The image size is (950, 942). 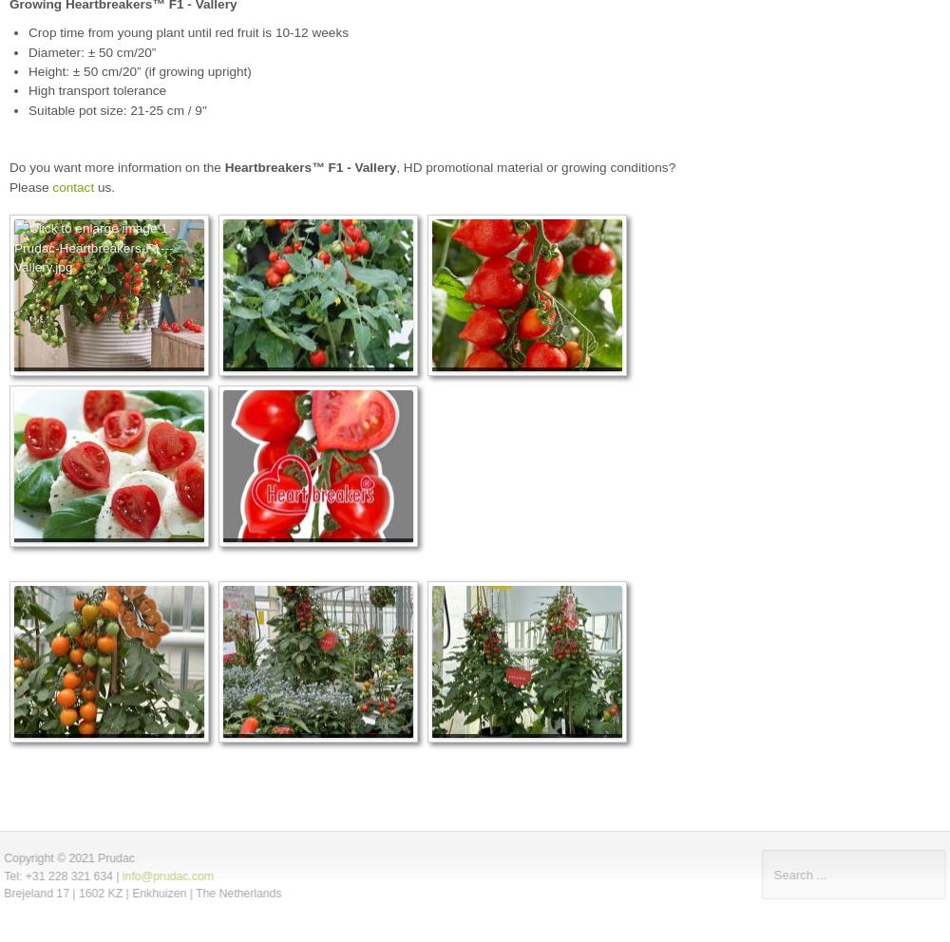 What do you see at coordinates (93, 185) in the screenshot?
I see `'us.'` at bounding box center [93, 185].